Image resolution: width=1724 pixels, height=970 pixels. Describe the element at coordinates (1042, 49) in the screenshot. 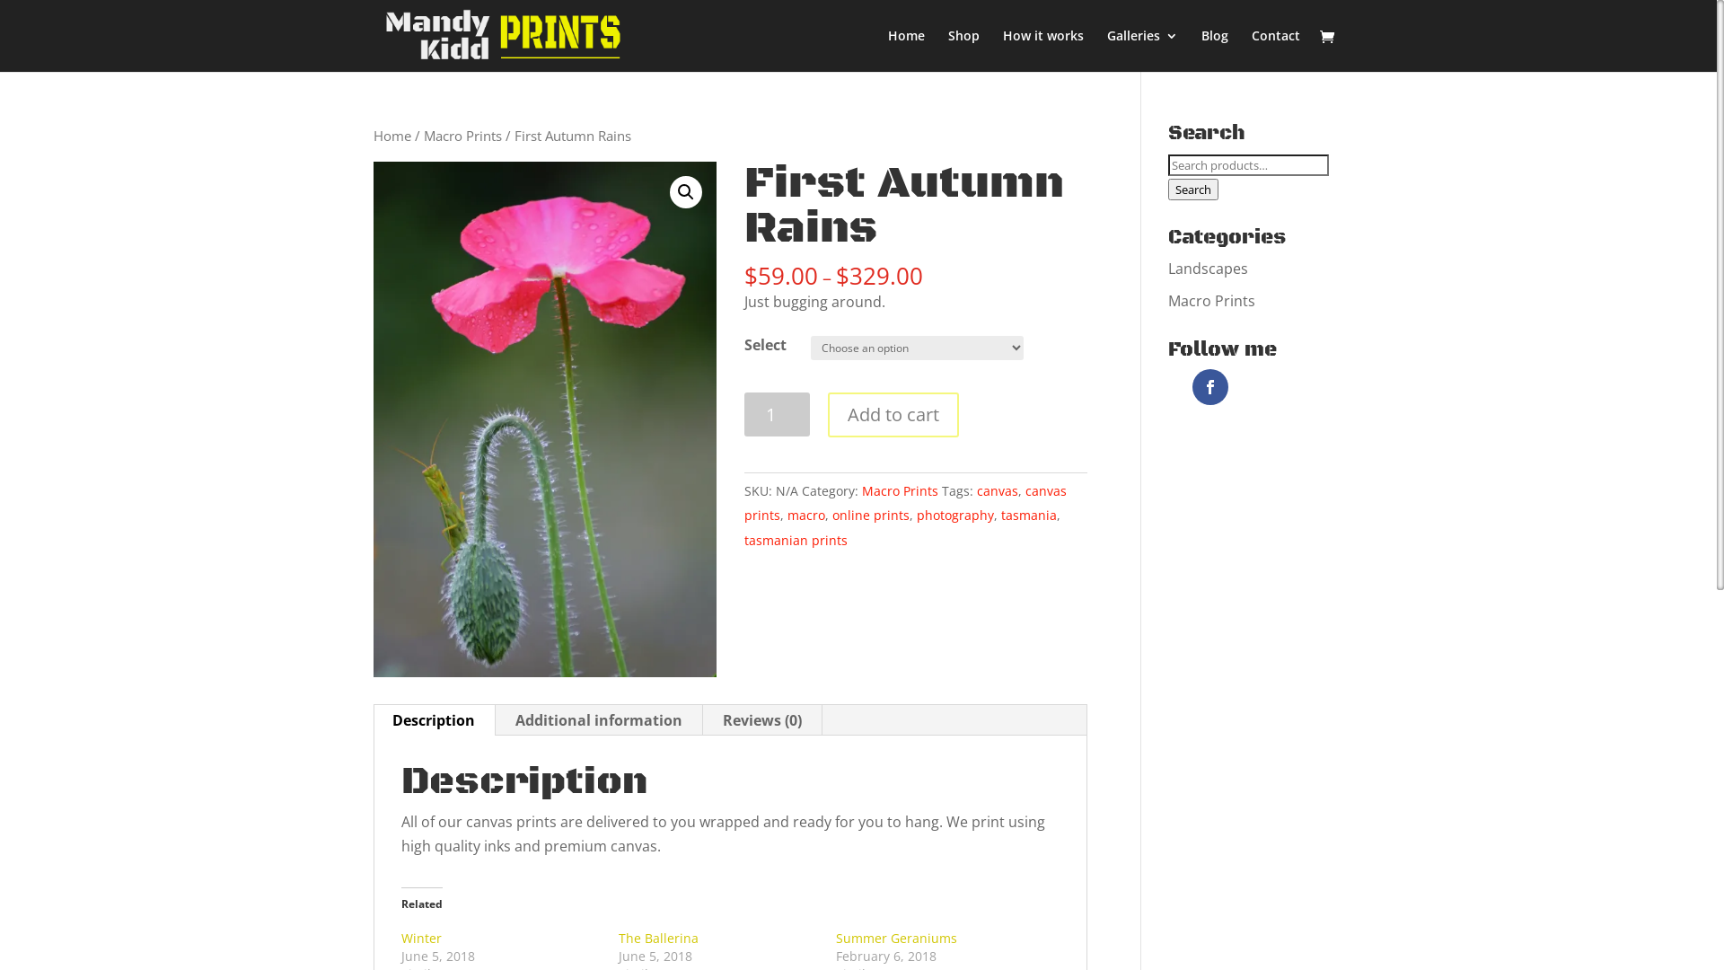

I see `'How it works'` at that location.